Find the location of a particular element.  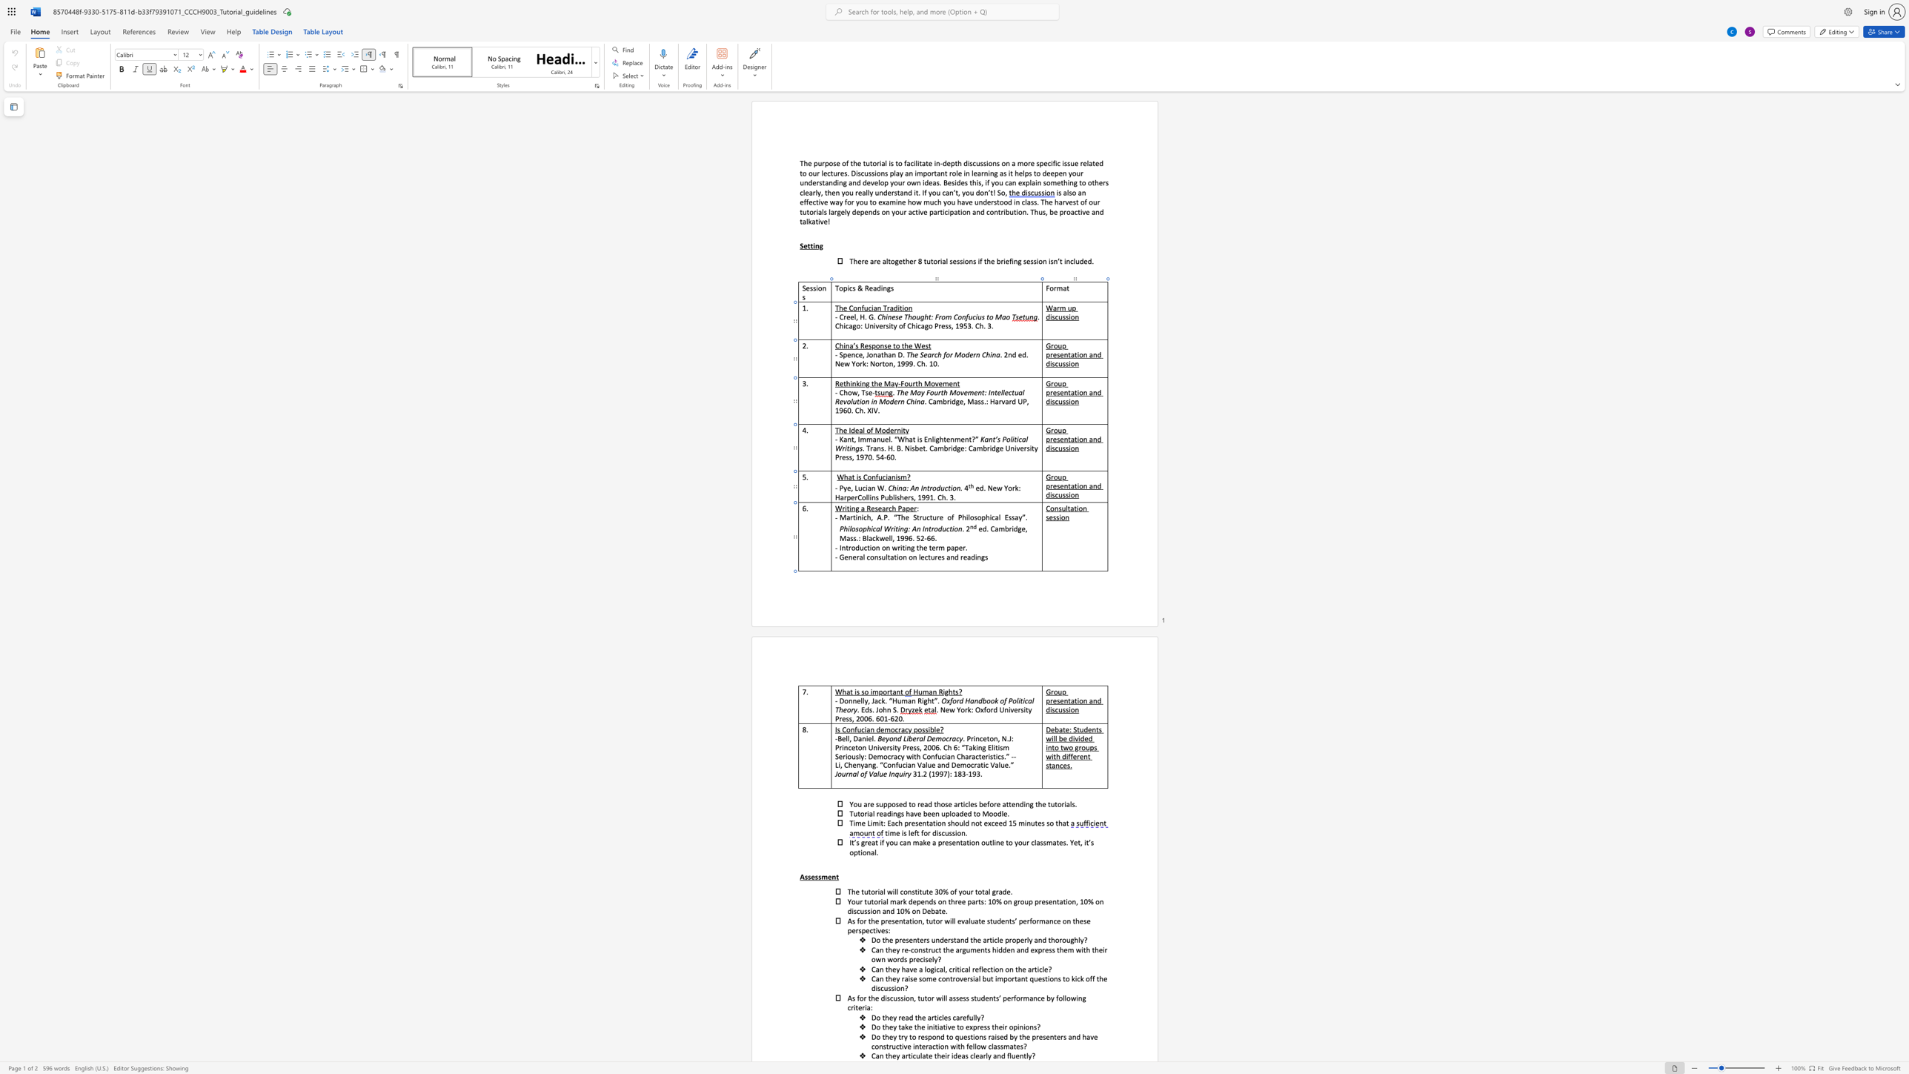

the 3th character "c" in the text is located at coordinates (993, 517).